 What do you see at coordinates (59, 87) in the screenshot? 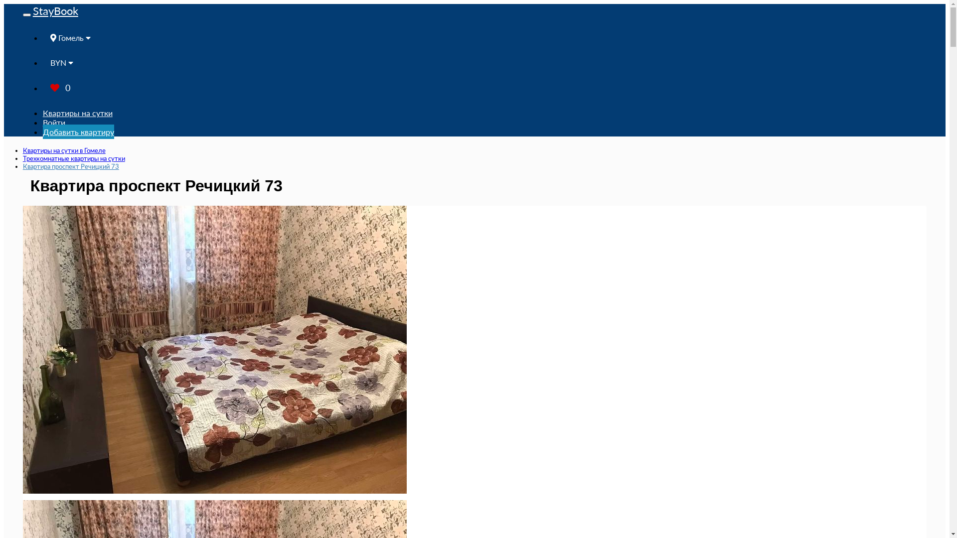
I see `'0'` at bounding box center [59, 87].